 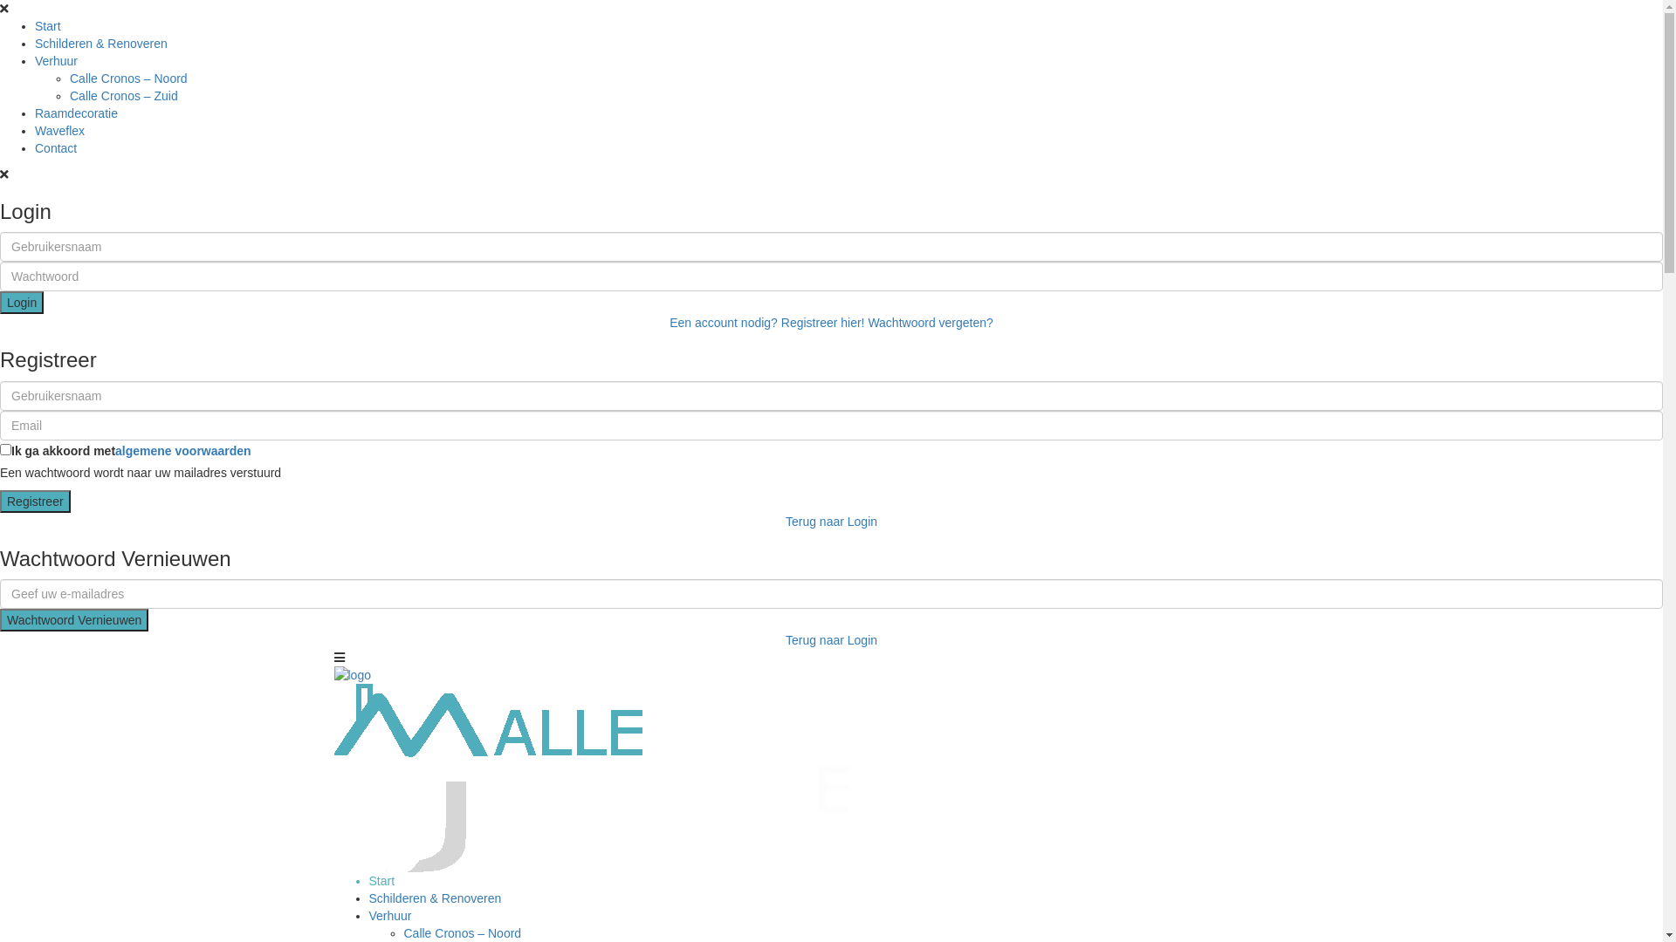 I want to click on 'Een account nodig? Registreer hier!', so click(x=766, y=323).